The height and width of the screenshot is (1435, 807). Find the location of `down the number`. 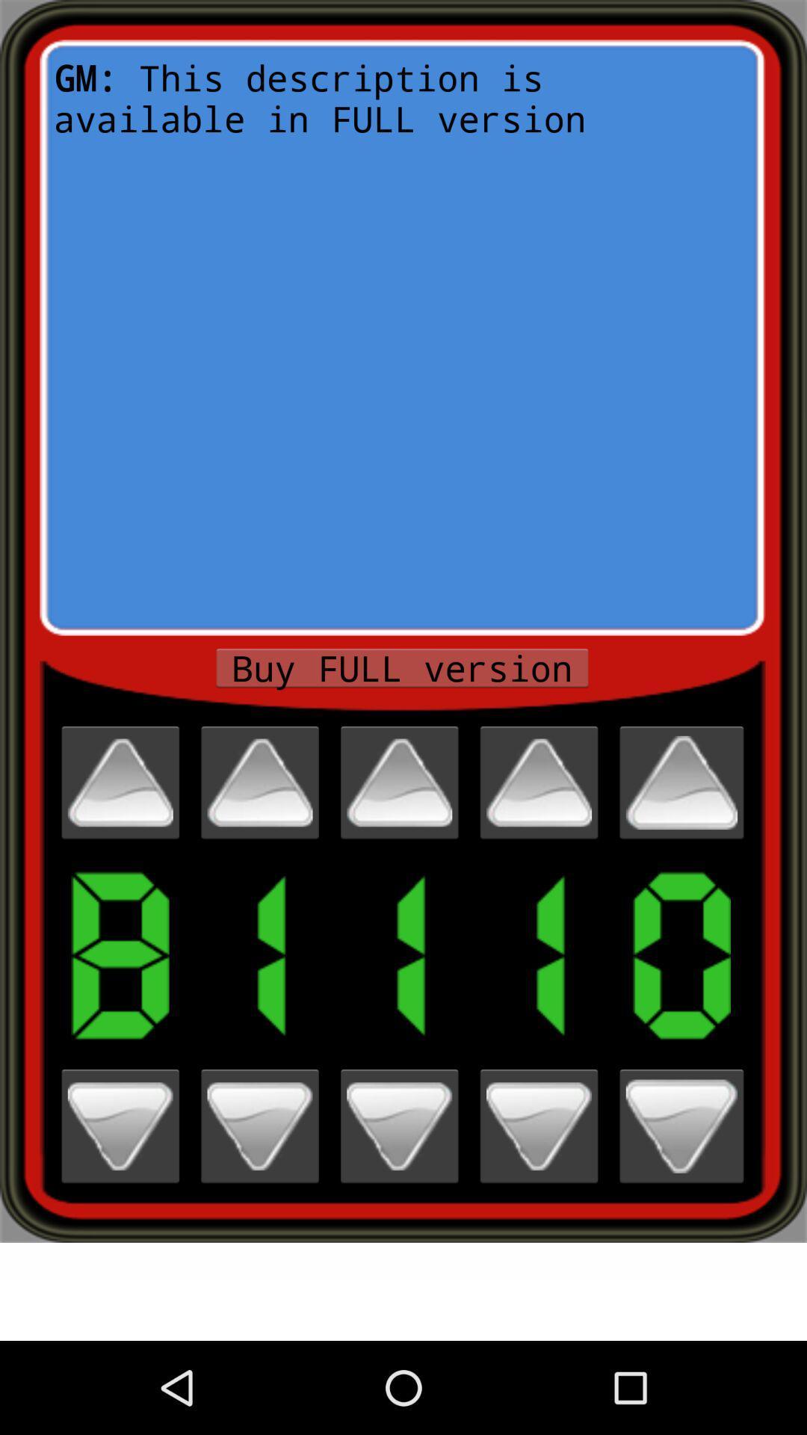

down the number is located at coordinates (259, 1126).